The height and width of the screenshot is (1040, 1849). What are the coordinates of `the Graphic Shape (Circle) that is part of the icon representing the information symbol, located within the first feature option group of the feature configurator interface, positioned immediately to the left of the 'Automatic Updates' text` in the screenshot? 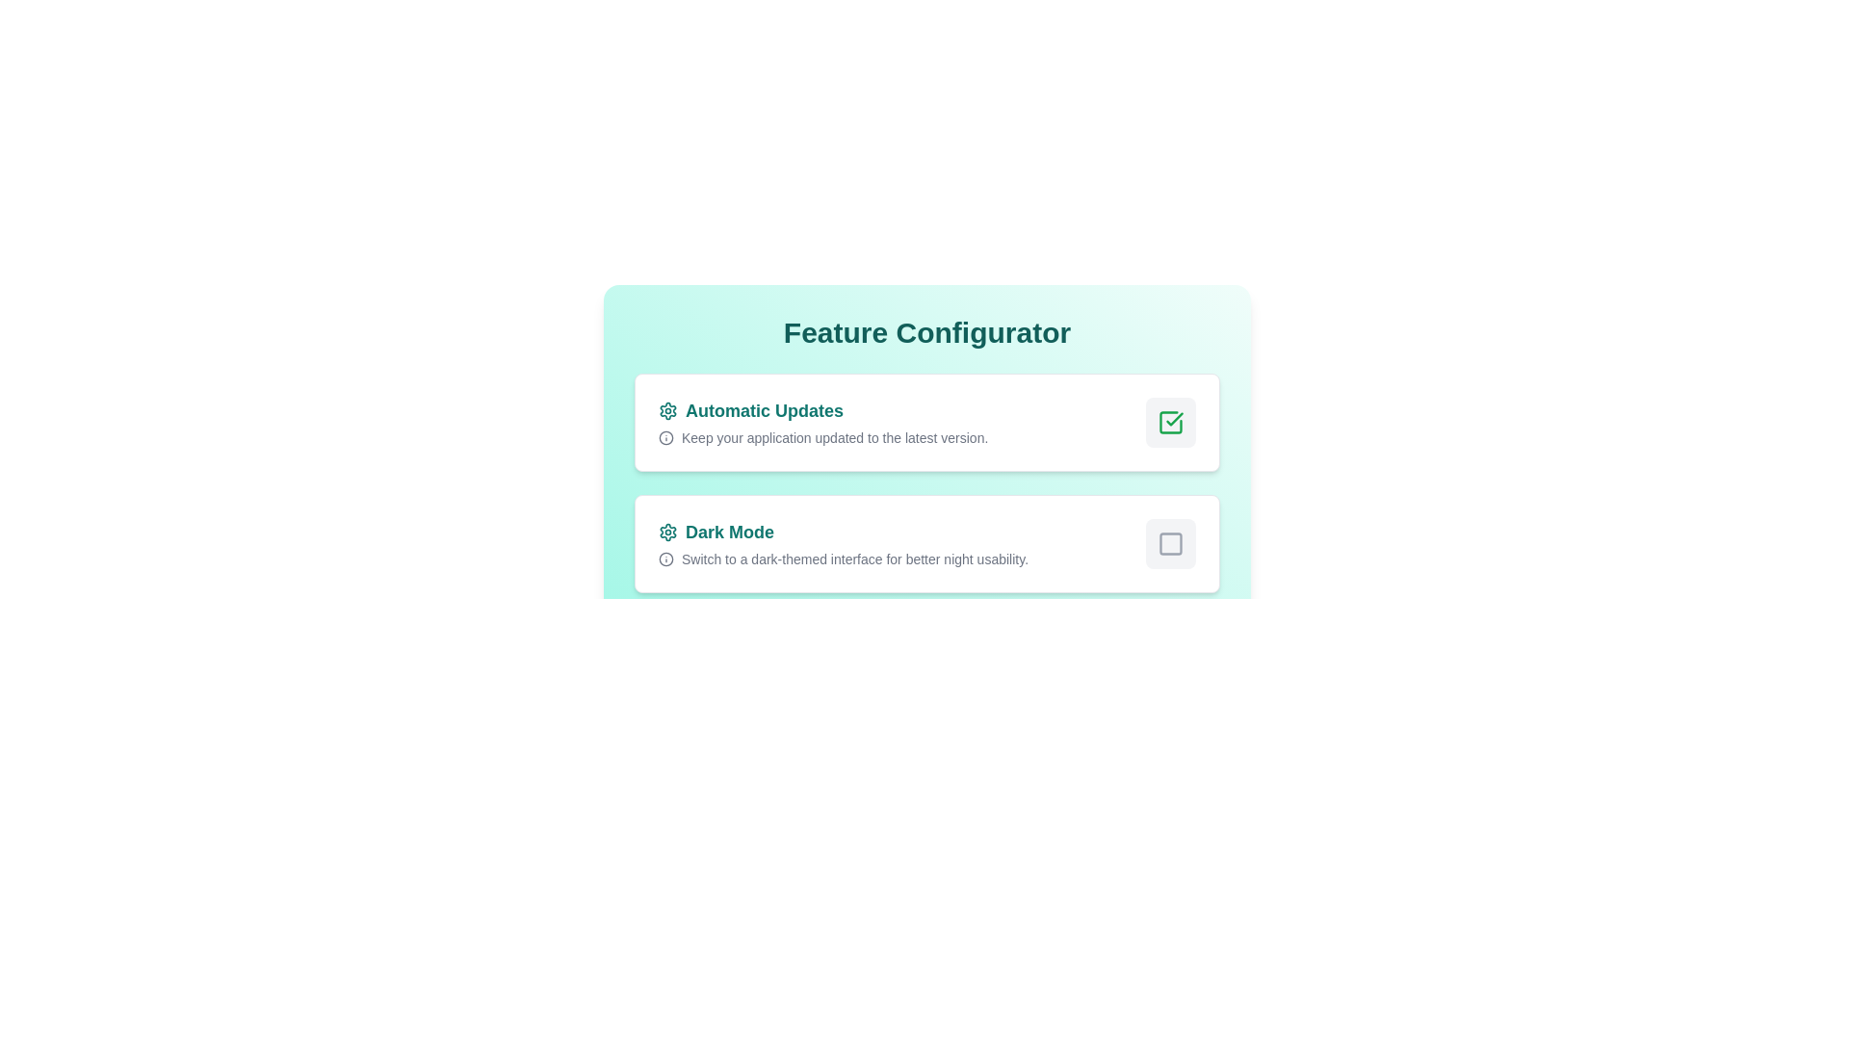 It's located at (665, 438).